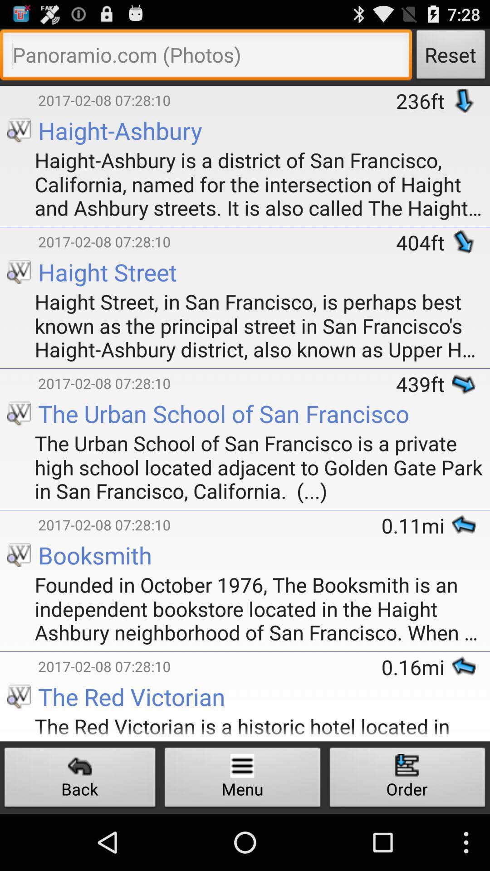 This screenshot has height=871, width=490. What do you see at coordinates (19, 511) in the screenshot?
I see `the item next to the urban school app` at bounding box center [19, 511].